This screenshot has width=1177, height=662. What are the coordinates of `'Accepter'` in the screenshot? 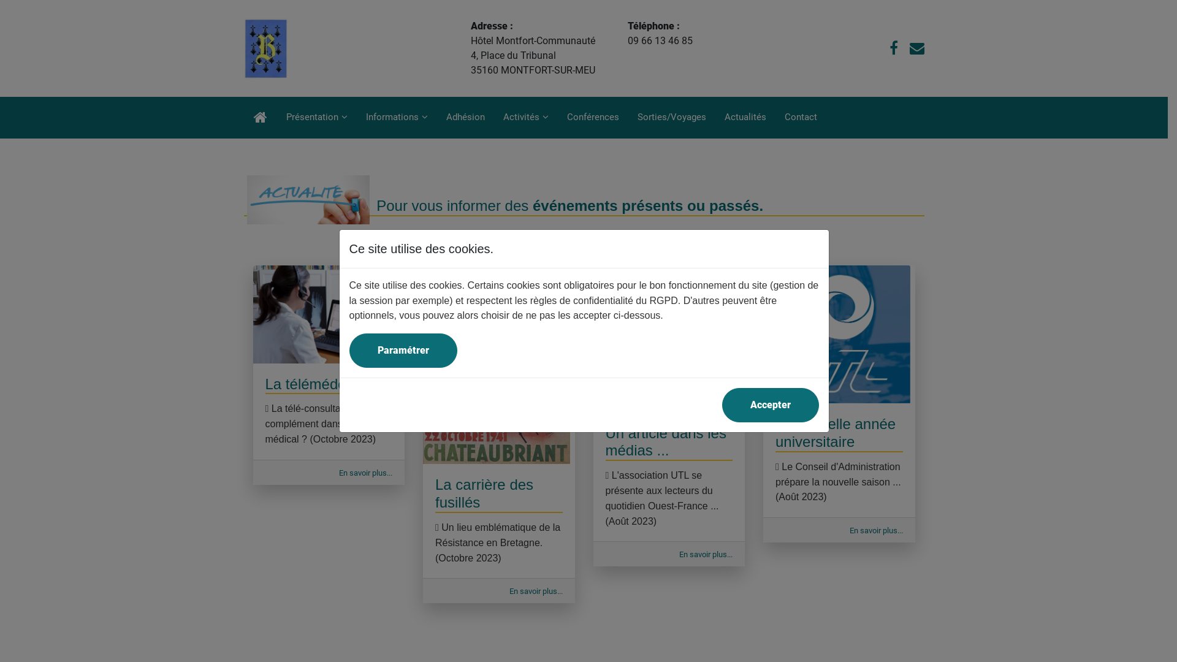 It's located at (770, 405).